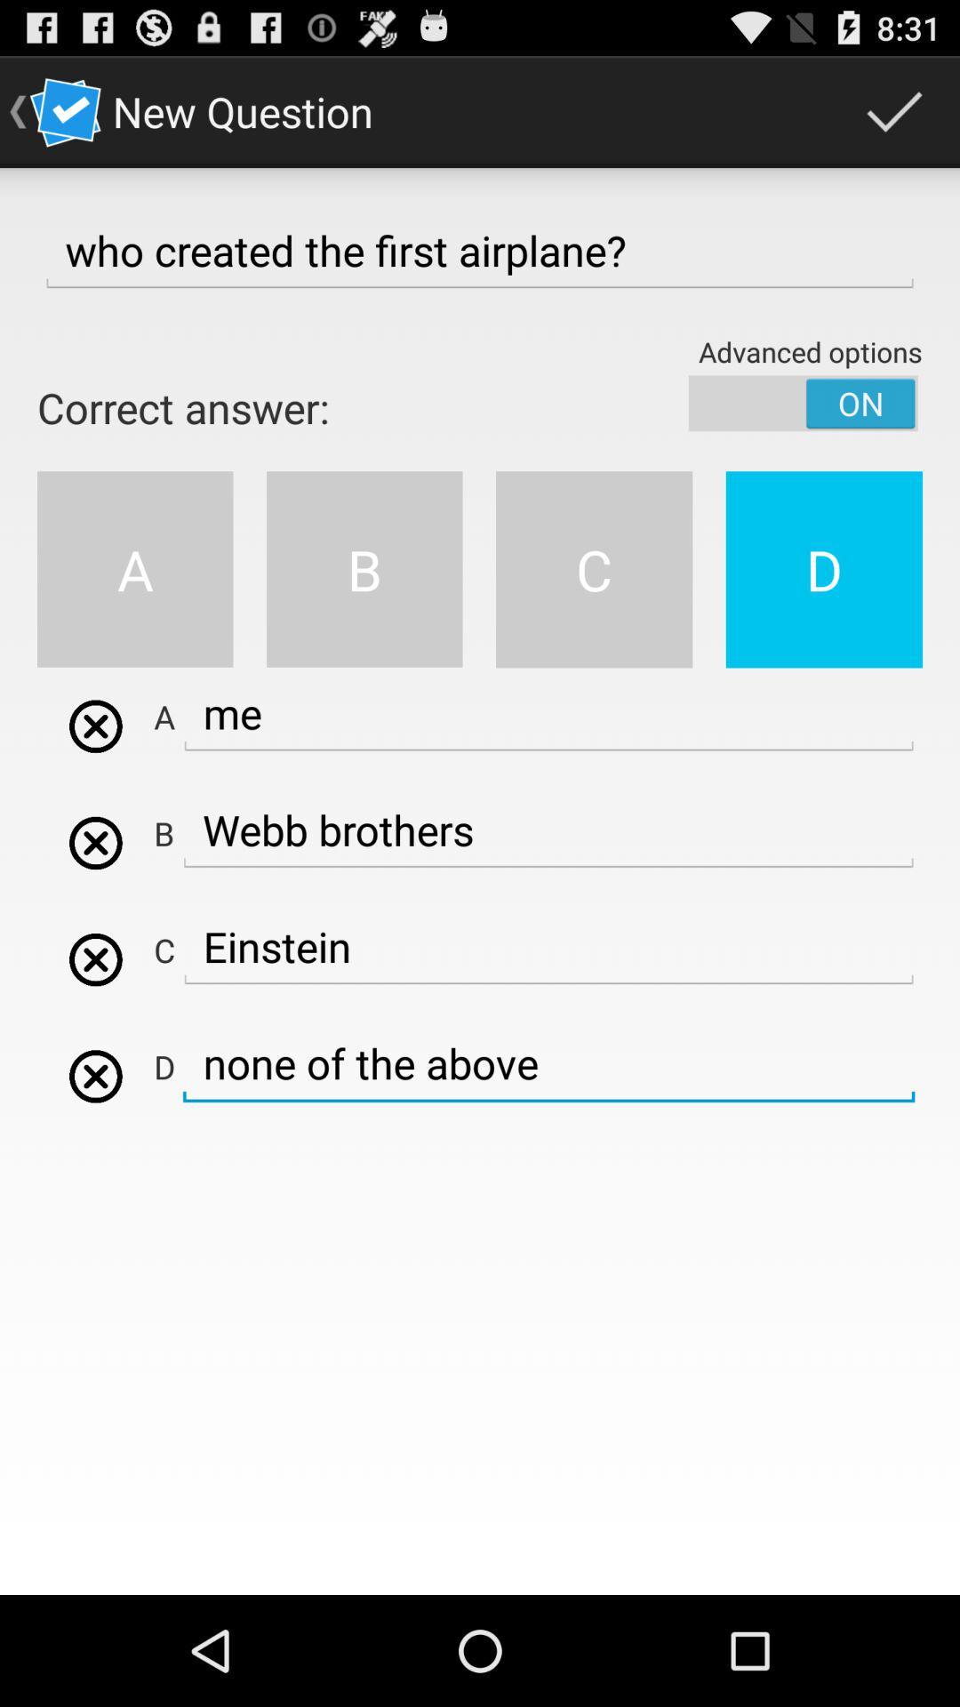  What do you see at coordinates (95, 958) in the screenshot?
I see `answer` at bounding box center [95, 958].